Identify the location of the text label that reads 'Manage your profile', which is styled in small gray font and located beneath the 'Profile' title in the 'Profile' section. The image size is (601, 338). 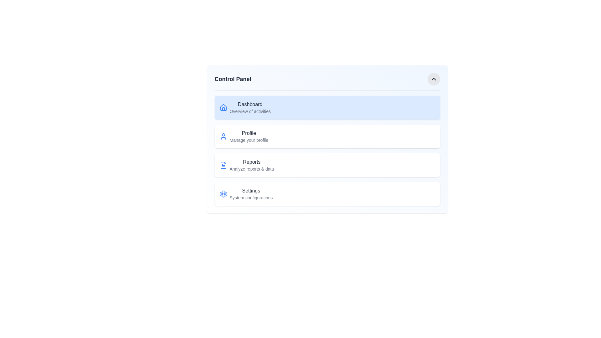
(249, 140).